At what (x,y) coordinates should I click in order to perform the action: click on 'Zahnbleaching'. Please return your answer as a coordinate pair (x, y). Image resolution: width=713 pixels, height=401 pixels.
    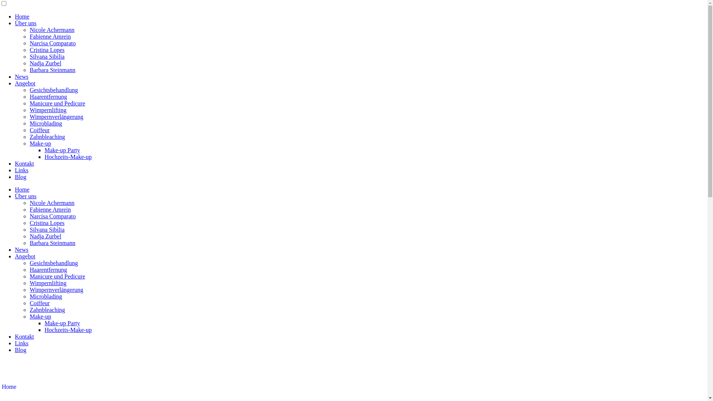
    Looking at the image, I should click on (47, 137).